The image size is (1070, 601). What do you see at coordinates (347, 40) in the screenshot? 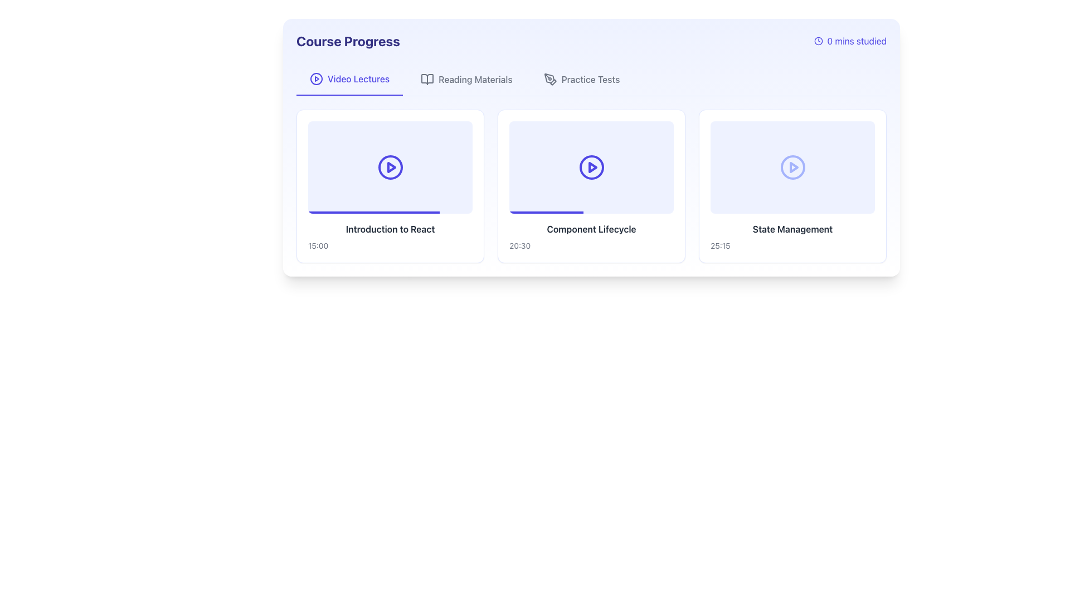
I see `the 'Course Progress' text label, which is styled in bold dark indigo and positioned at the top-left corner of the interface, indicating its importance as a section title` at bounding box center [347, 40].